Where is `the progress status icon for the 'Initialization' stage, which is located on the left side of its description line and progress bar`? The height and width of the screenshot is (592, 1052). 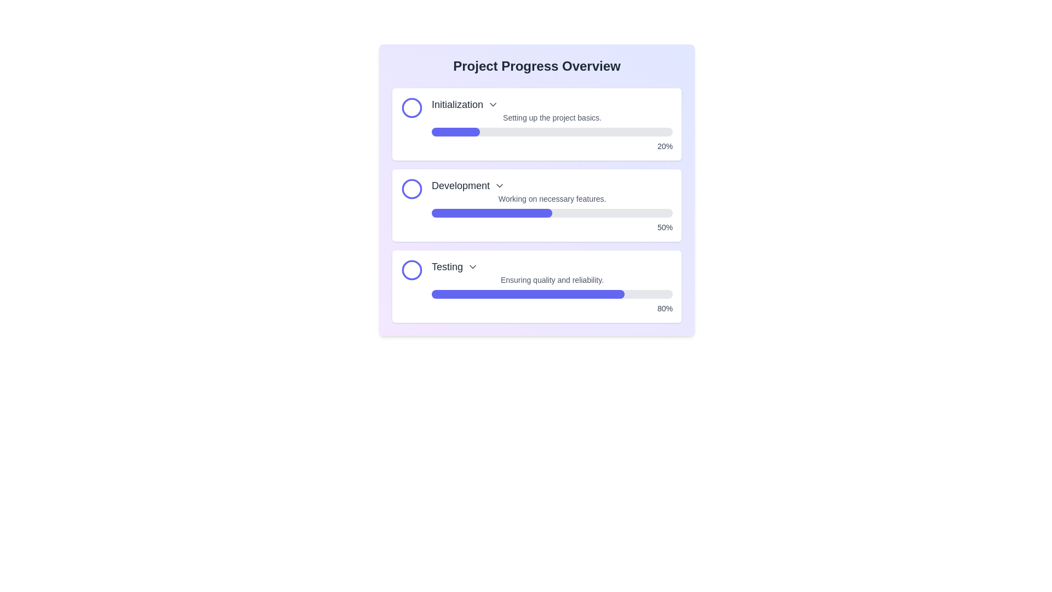
the progress status icon for the 'Initialization' stage, which is located on the left side of its description line and progress bar is located at coordinates (411, 107).